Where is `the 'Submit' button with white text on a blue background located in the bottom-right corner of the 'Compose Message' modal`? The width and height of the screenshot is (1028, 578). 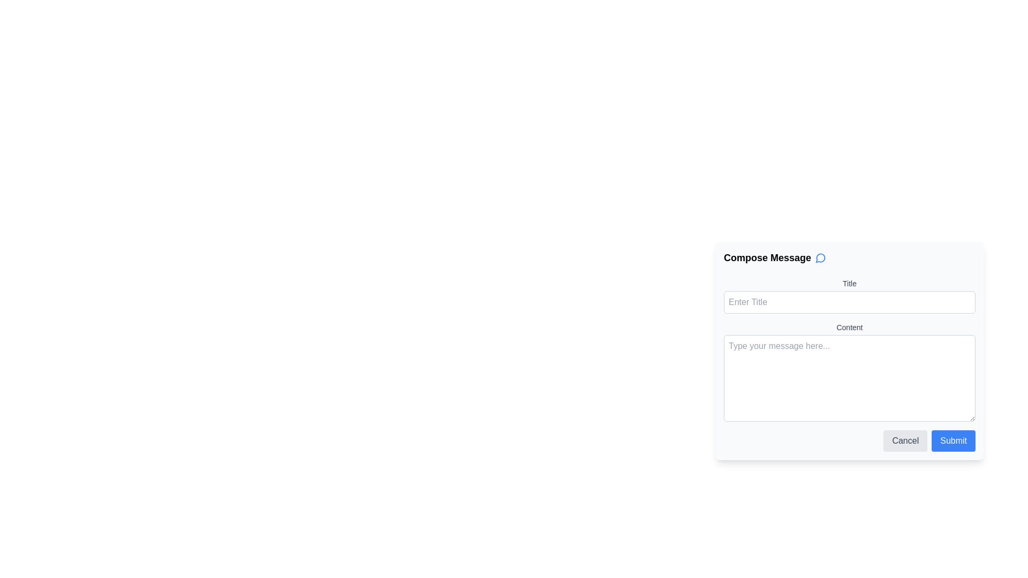
the 'Submit' button with white text on a blue background located in the bottom-right corner of the 'Compose Message' modal is located at coordinates (954, 441).